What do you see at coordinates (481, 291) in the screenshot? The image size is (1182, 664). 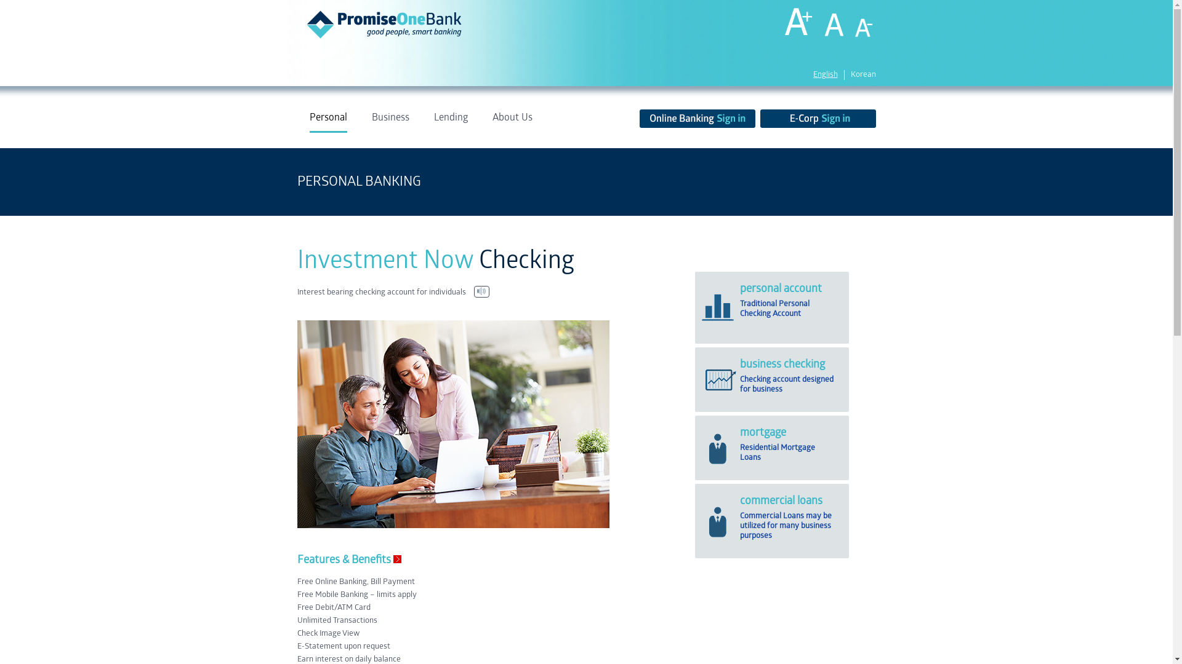 I see `'Play'` at bounding box center [481, 291].